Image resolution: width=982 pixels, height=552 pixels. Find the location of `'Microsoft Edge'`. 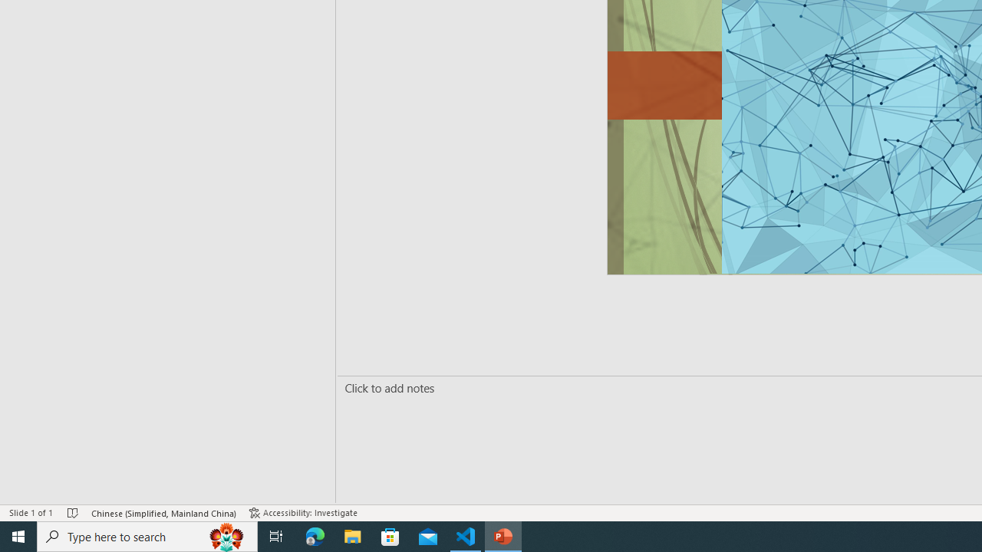

'Microsoft Edge' is located at coordinates (315, 535).